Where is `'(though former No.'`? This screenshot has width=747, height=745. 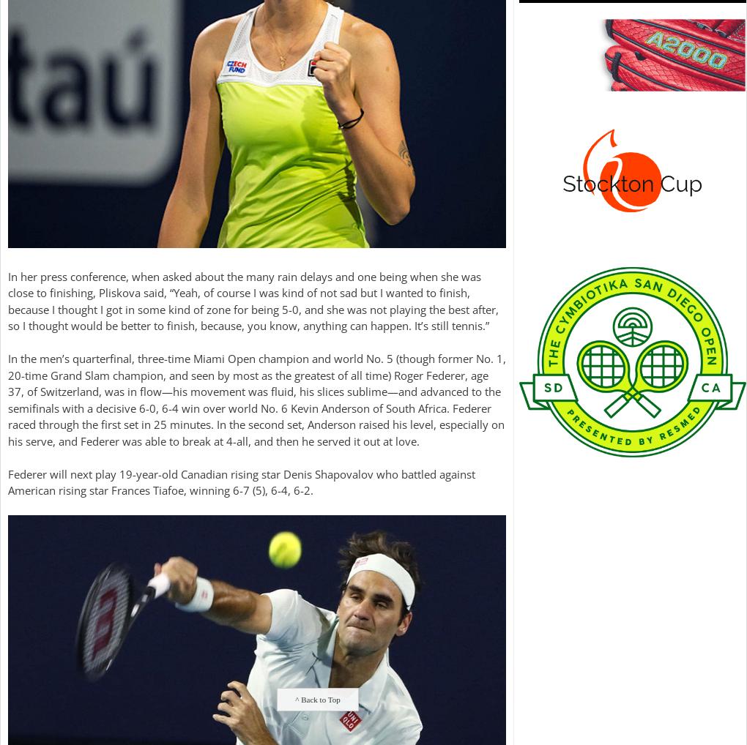 '(though former No.' is located at coordinates (444, 358).